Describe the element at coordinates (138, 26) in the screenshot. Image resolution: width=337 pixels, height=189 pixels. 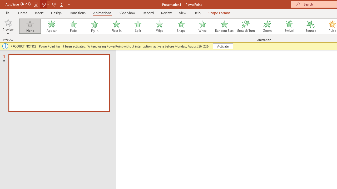
I see `'Split'` at that location.